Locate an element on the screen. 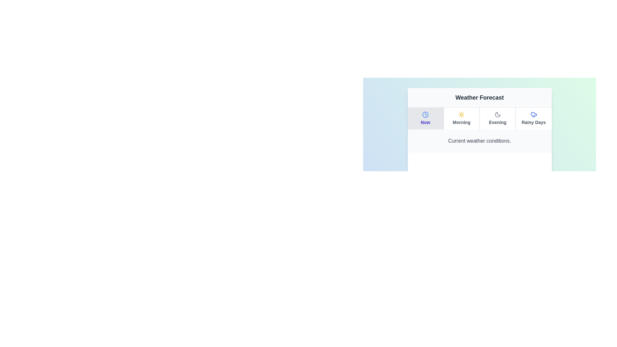 This screenshot has height=347, width=617. the 'Rainy Days' icon in the weather forecast navigation bar is located at coordinates (533, 119).